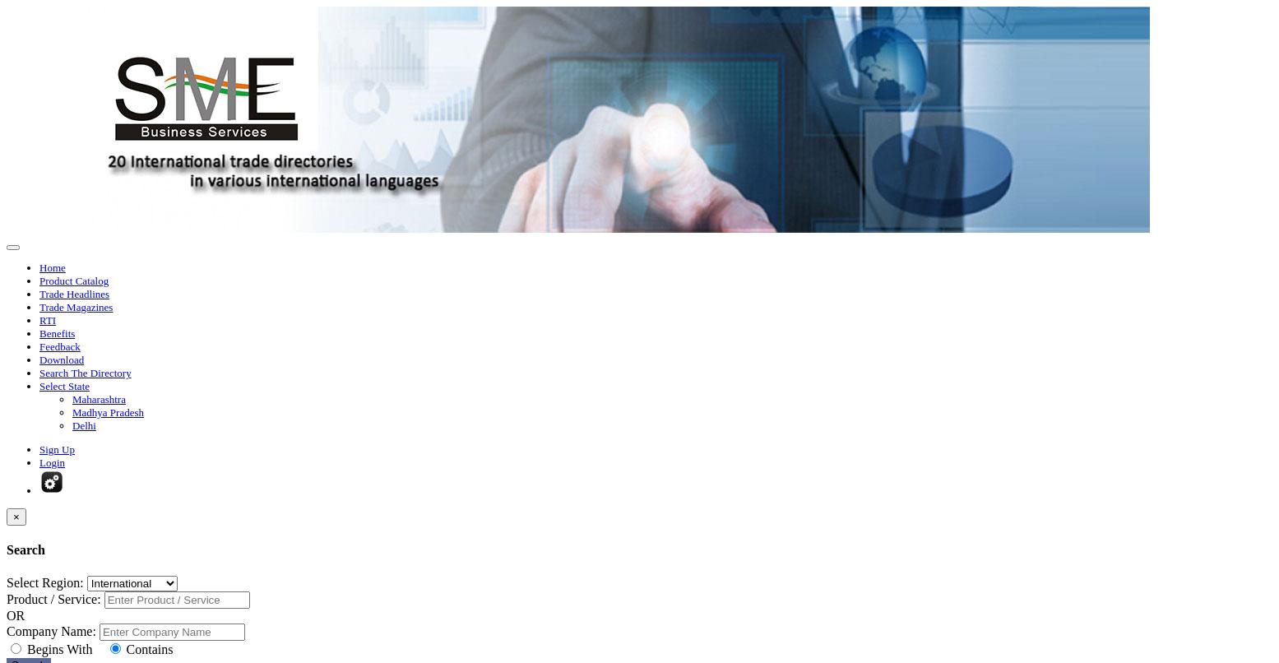 The width and height of the screenshot is (1279, 663). What do you see at coordinates (75, 306) in the screenshot?
I see `'Trade Magazines'` at bounding box center [75, 306].